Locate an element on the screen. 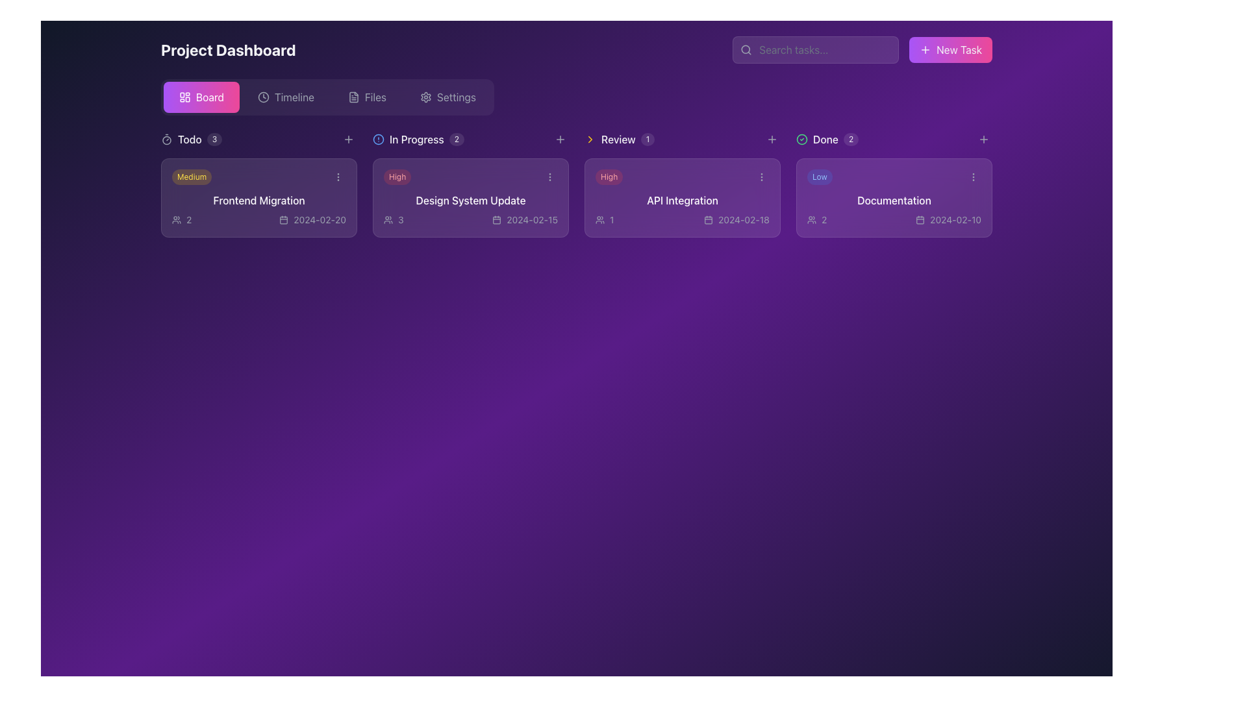 This screenshot has width=1247, height=701. the Task Card displaying 'Documentation' with priority 'Low' in the 'Done' section is located at coordinates (894, 197).